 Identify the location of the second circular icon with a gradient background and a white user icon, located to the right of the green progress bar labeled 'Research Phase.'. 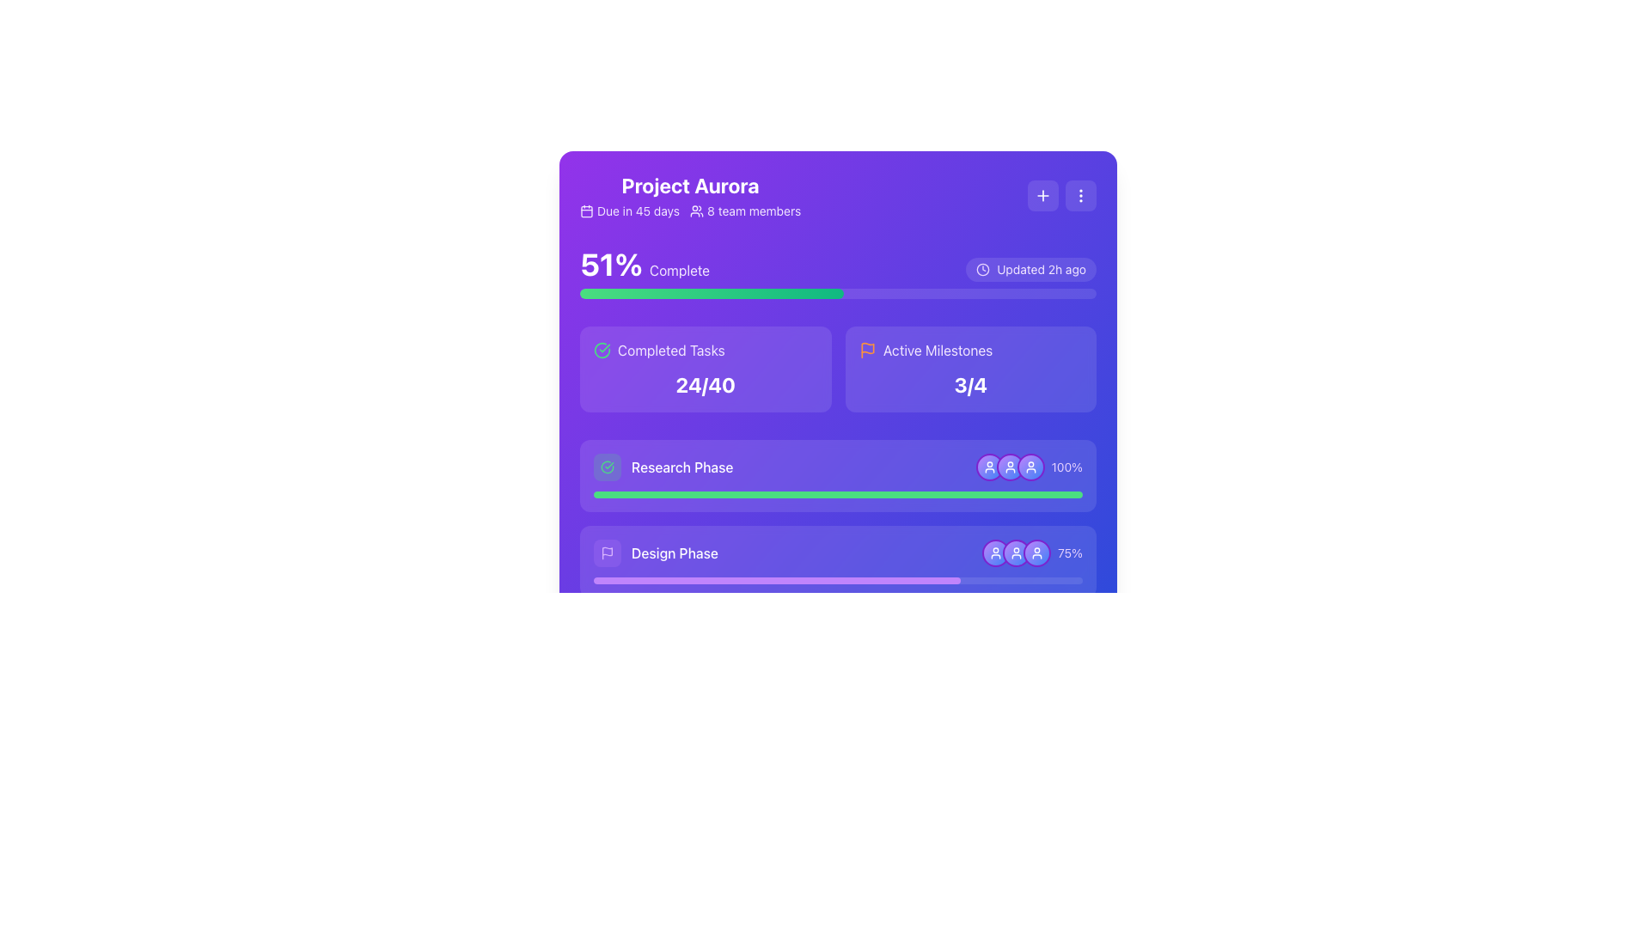
(1010, 467).